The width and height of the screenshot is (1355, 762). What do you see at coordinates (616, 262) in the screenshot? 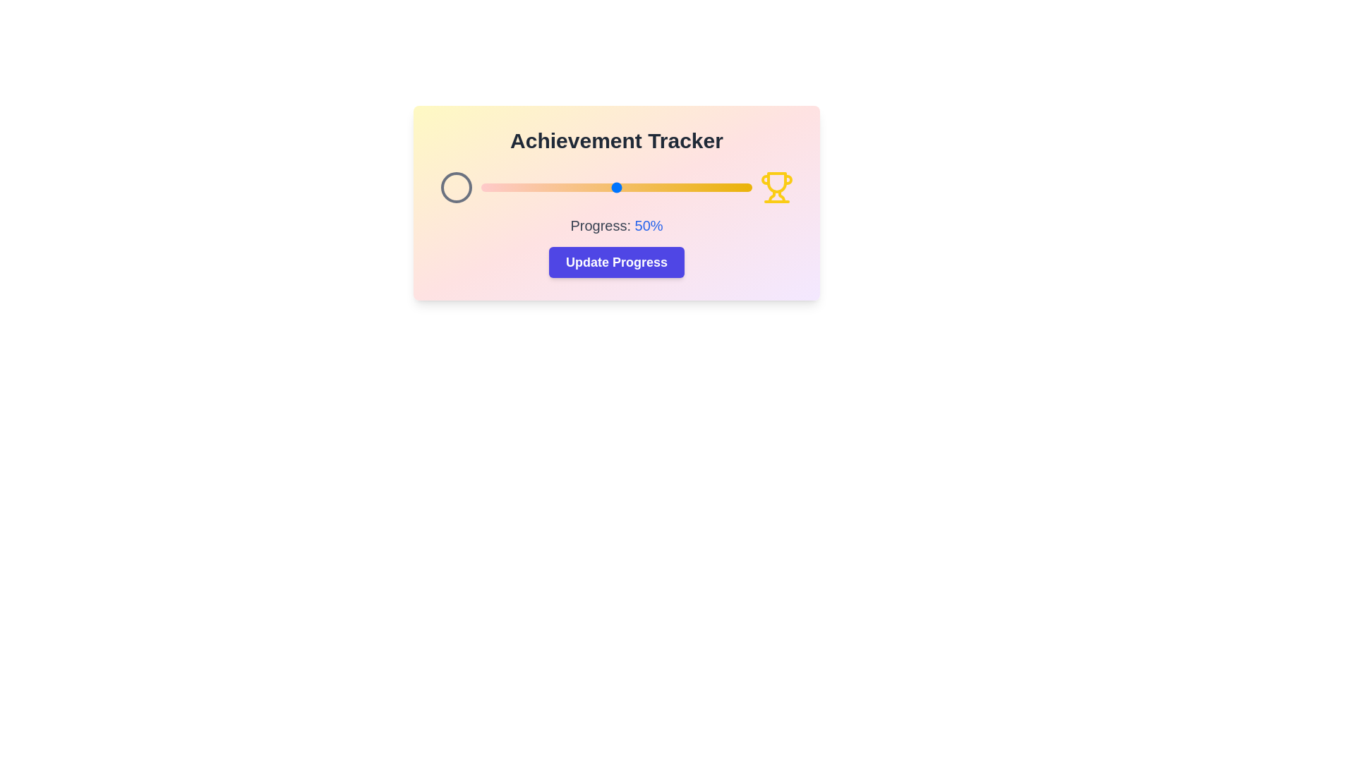
I see `the 'Update Progress' button to trigger the action` at bounding box center [616, 262].